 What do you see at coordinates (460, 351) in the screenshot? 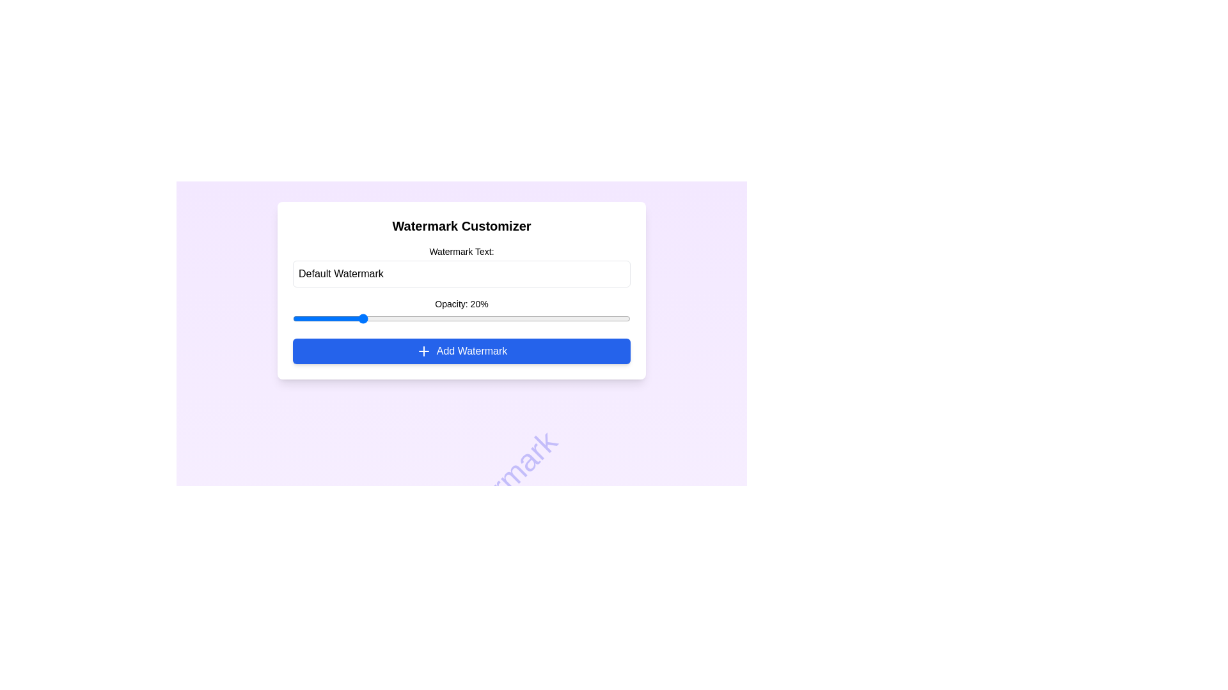
I see `the 'Apply Watermark' button located at the bottom of the 'Watermark Customizer' section to apply the configured watermark settings` at bounding box center [460, 351].